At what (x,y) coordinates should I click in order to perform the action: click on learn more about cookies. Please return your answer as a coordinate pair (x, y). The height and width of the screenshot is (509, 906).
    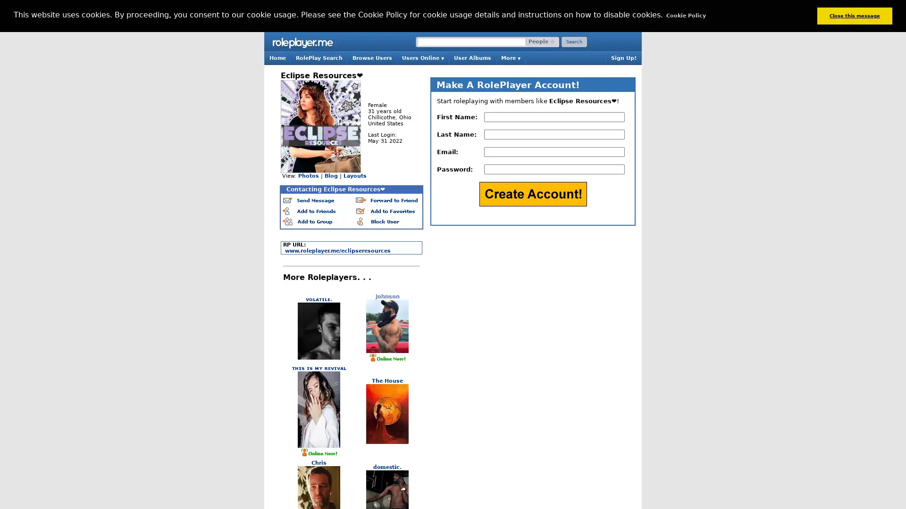
    Looking at the image, I should click on (686, 16).